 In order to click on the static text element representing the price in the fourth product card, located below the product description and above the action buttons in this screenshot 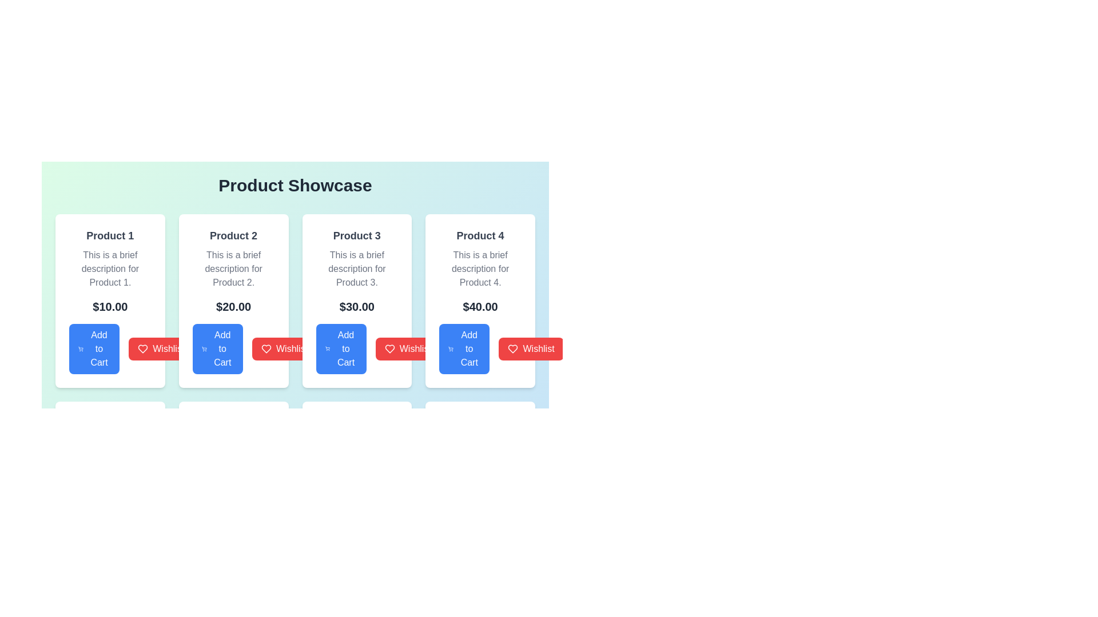, I will do `click(480, 306)`.